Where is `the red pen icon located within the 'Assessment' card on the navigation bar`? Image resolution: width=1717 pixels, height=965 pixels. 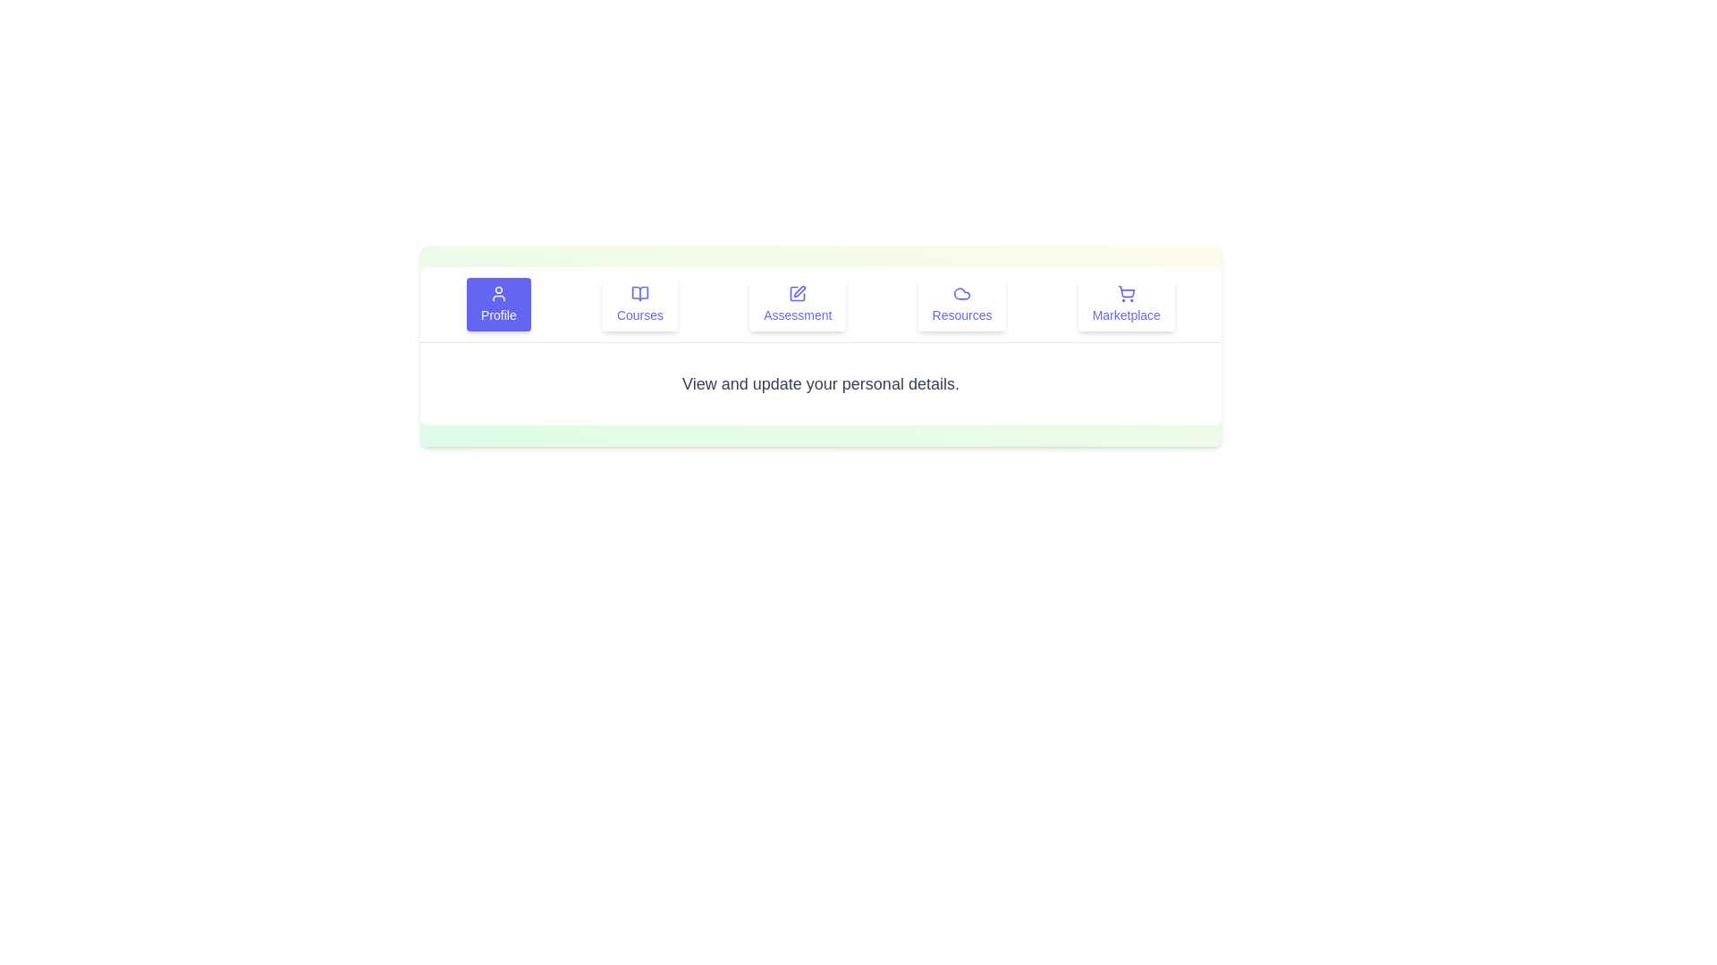
the red pen icon located within the 'Assessment' card on the navigation bar is located at coordinates (799, 290).